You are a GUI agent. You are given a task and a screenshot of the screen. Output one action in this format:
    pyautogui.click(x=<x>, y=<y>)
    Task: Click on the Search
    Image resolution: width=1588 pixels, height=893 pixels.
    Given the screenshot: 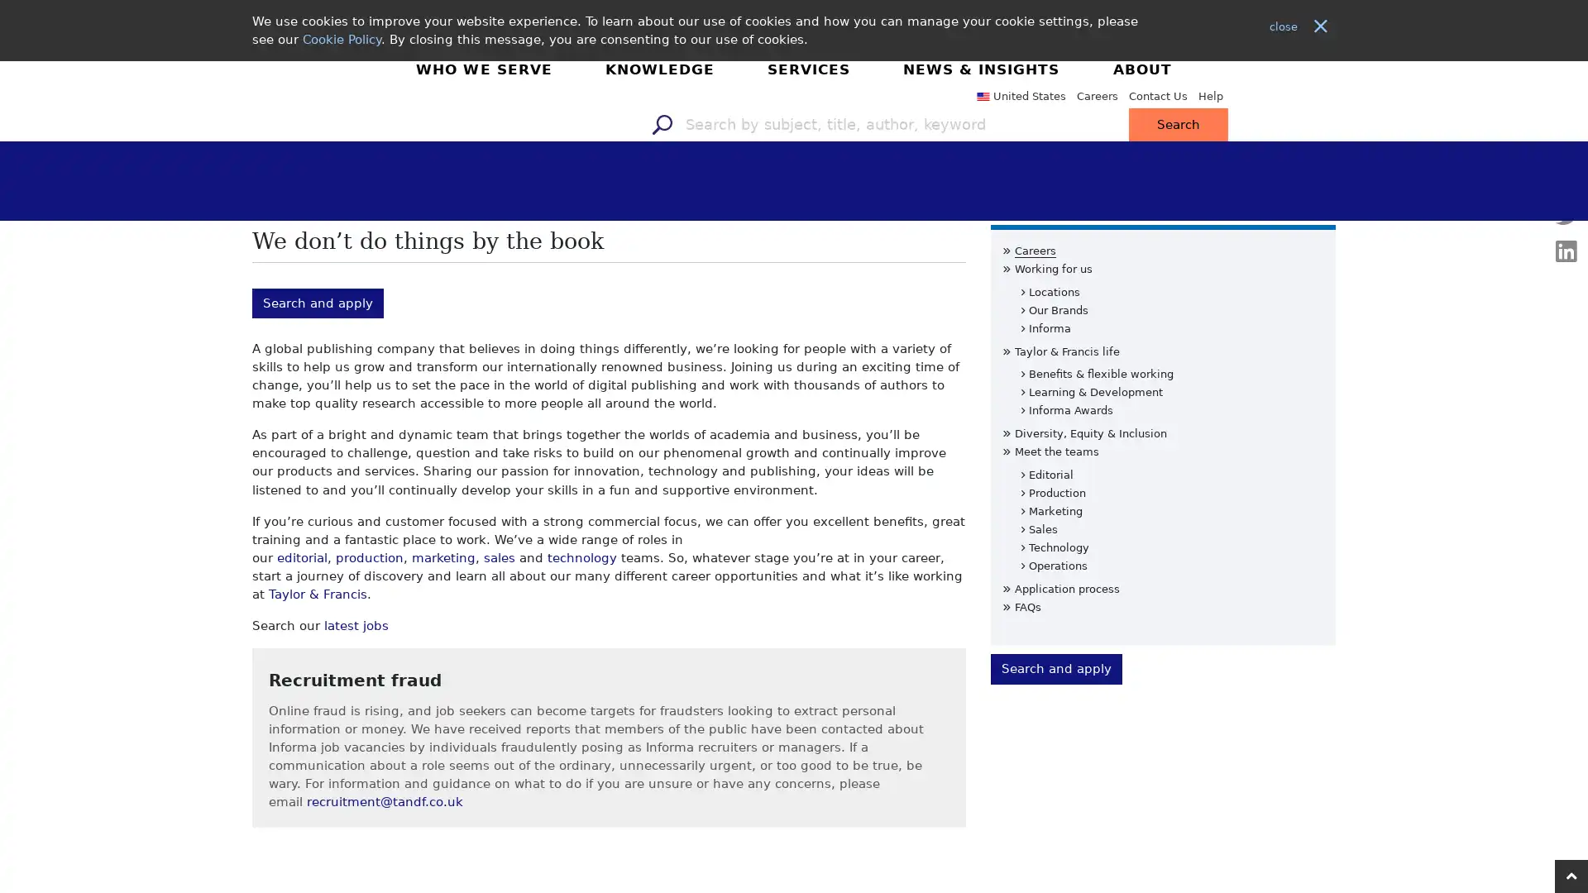 What is the action you would take?
    pyautogui.click(x=1366, y=94)
    